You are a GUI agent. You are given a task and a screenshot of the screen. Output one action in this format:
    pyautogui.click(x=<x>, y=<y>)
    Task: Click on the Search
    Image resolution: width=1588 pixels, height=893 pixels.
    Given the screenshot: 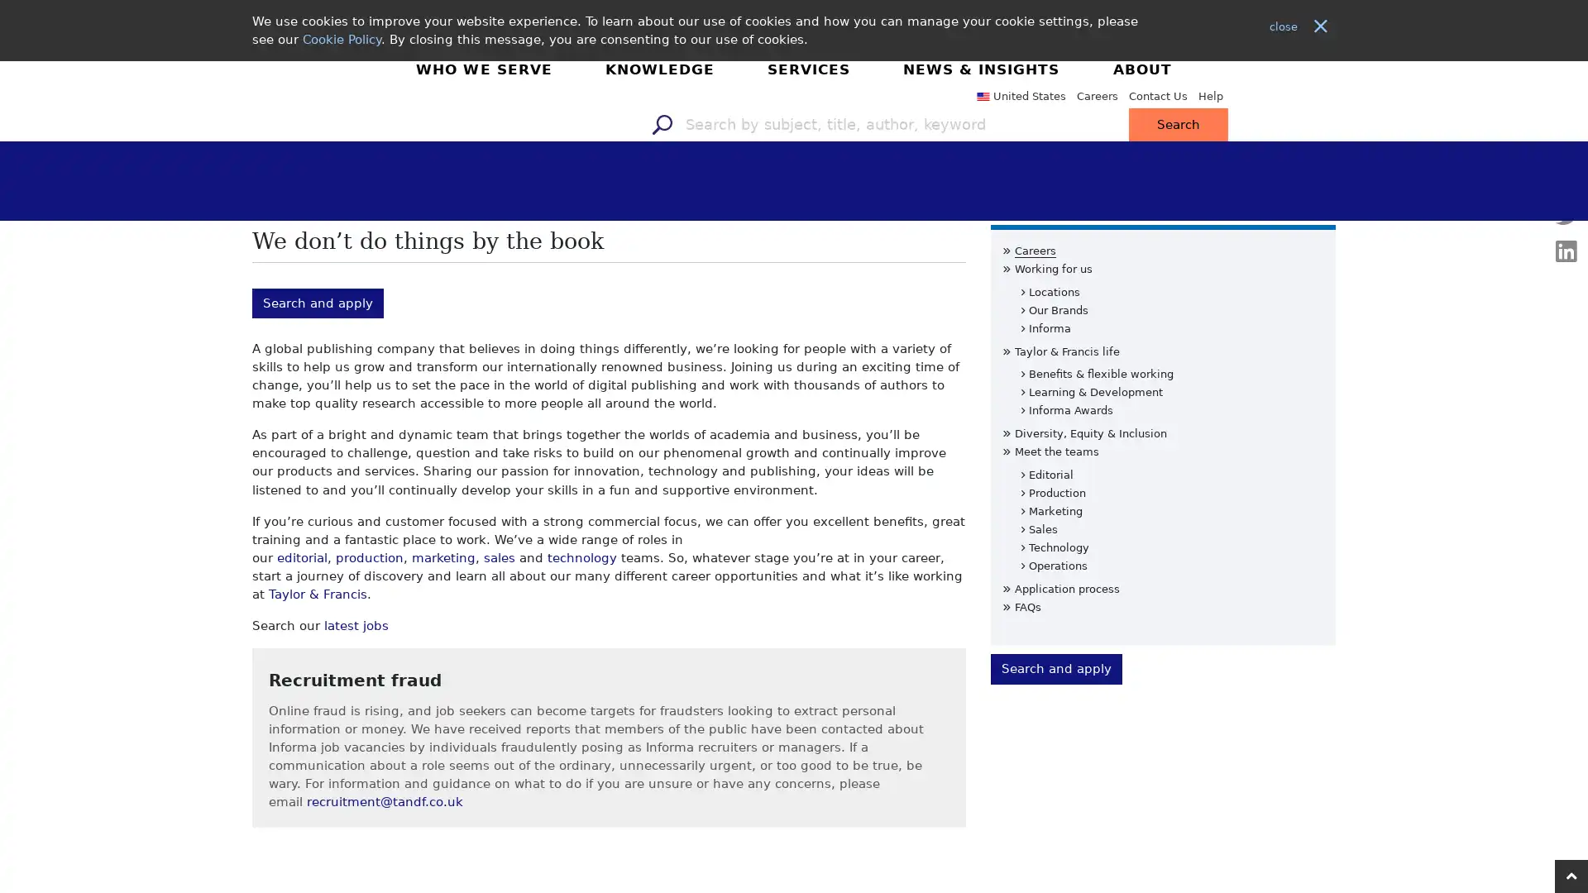 What is the action you would take?
    pyautogui.click(x=1366, y=94)
    